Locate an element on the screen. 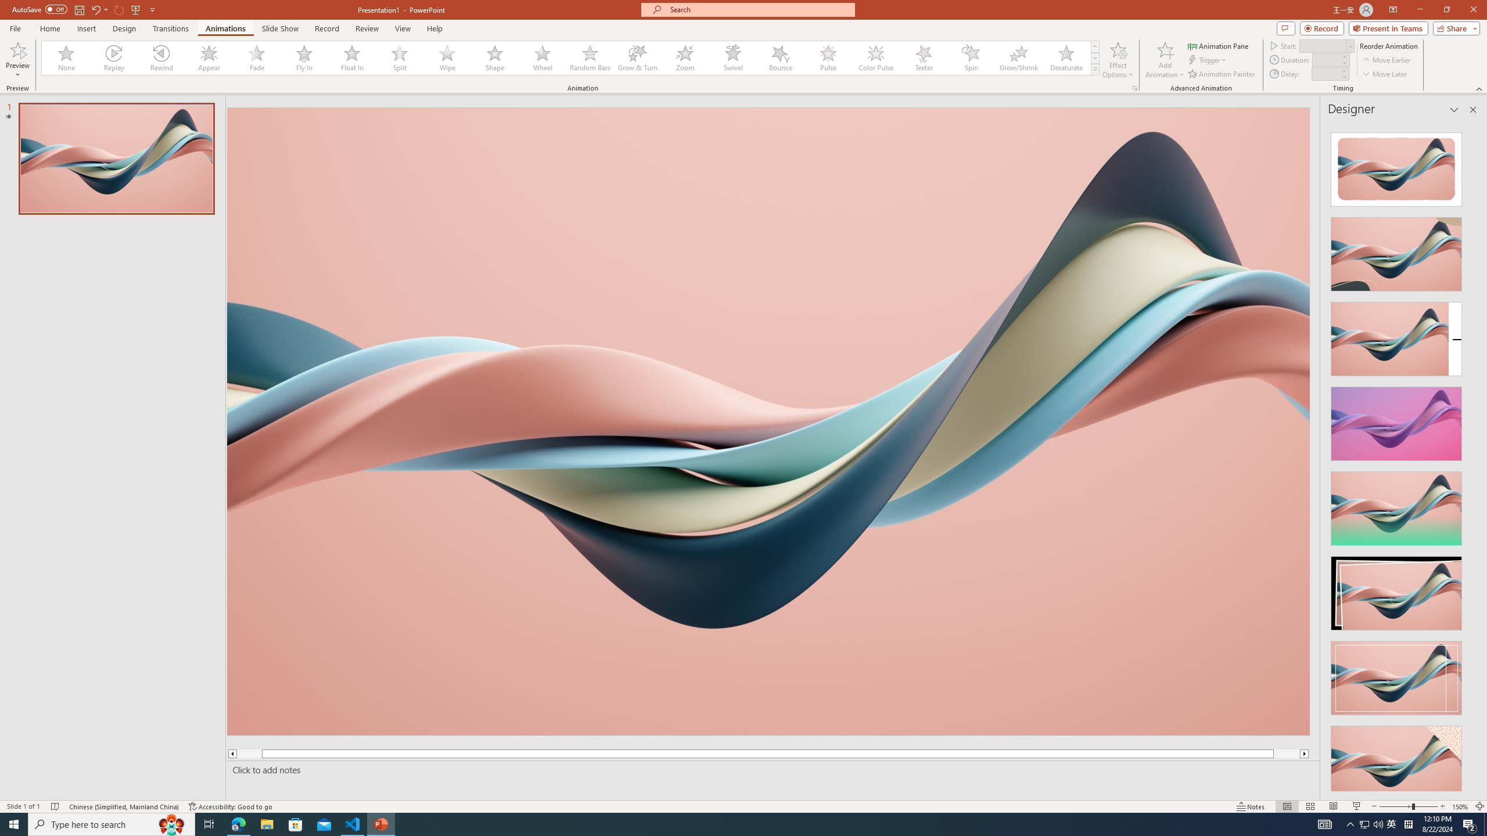  'Animation Duration' is located at coordinates (1326, 59).